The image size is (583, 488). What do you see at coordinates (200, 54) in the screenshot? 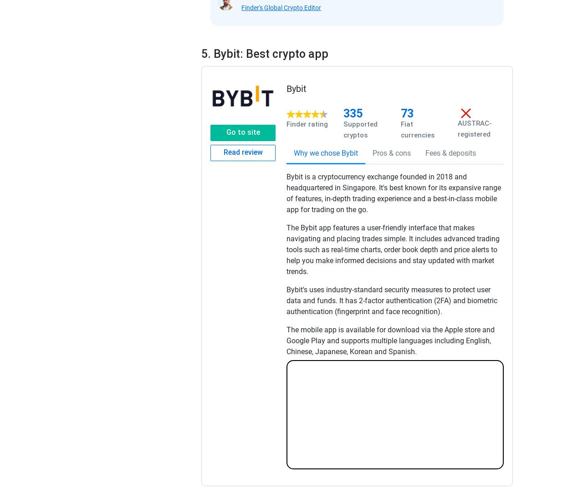
I see `'5. Bybit: Best crypto app'` at bounding box center [200, 54].